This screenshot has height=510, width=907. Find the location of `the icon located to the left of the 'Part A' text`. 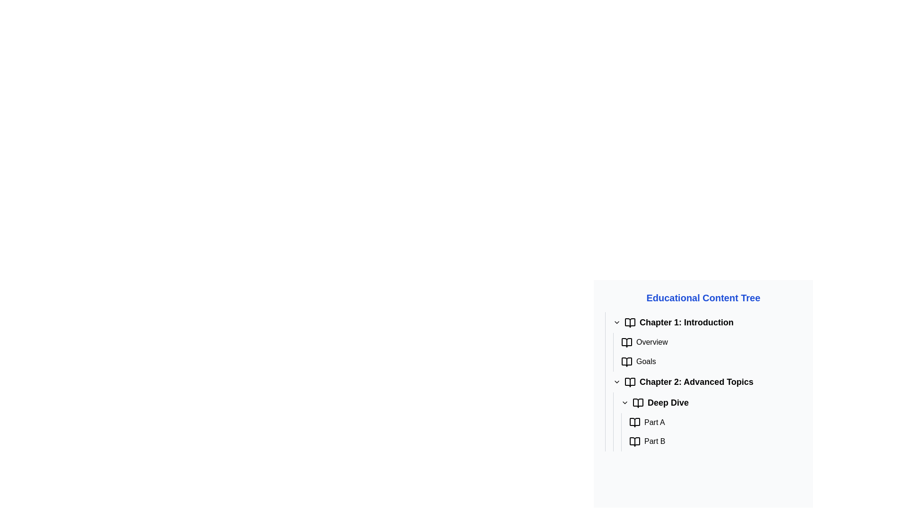

the icon located to the left of the 'Part A' text is located at coordinates (635, 422).